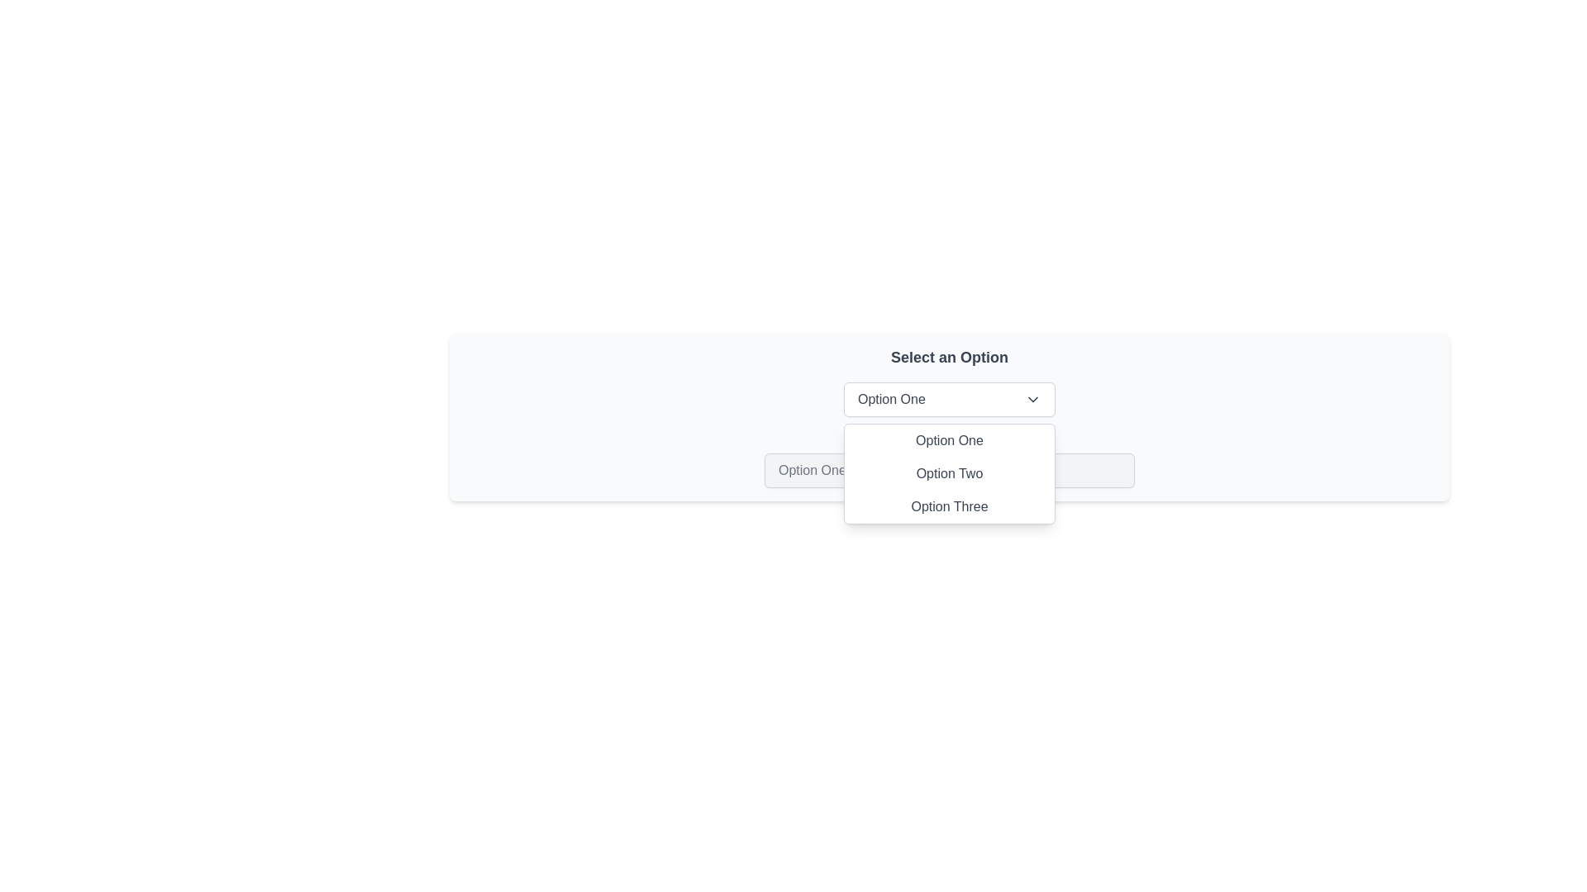  Describe the element at coordinates (949, 505) in the screenshot. I see `the 'Option Three' item in the dropdown menu, which is styled in a standard sans-serif font and changes to light blue when hovered over` at that location.